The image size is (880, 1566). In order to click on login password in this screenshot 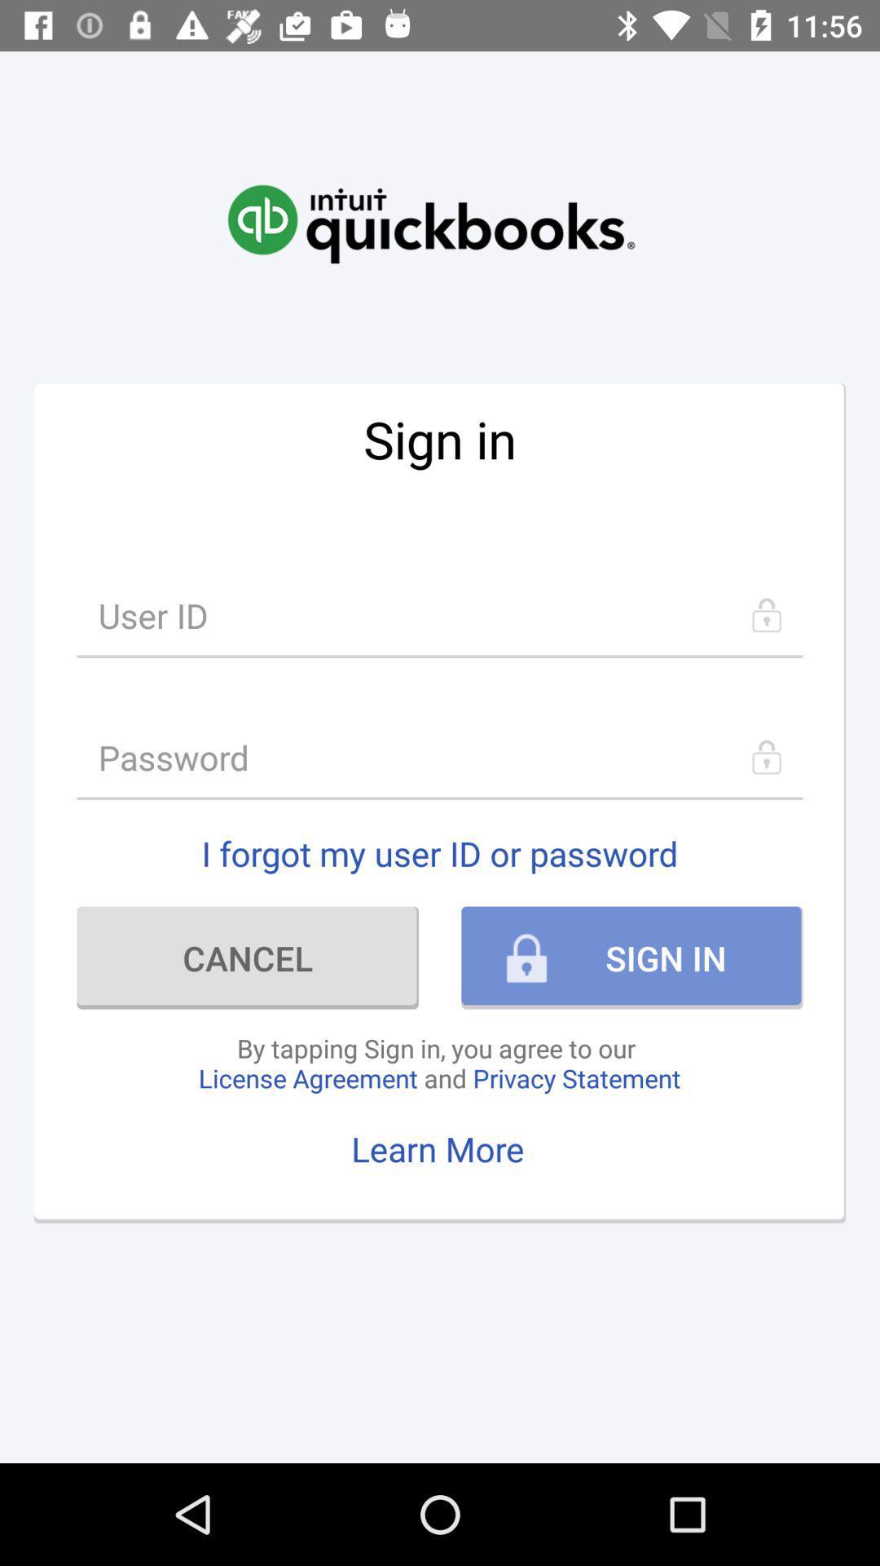, I will do `click(440, 756)`.